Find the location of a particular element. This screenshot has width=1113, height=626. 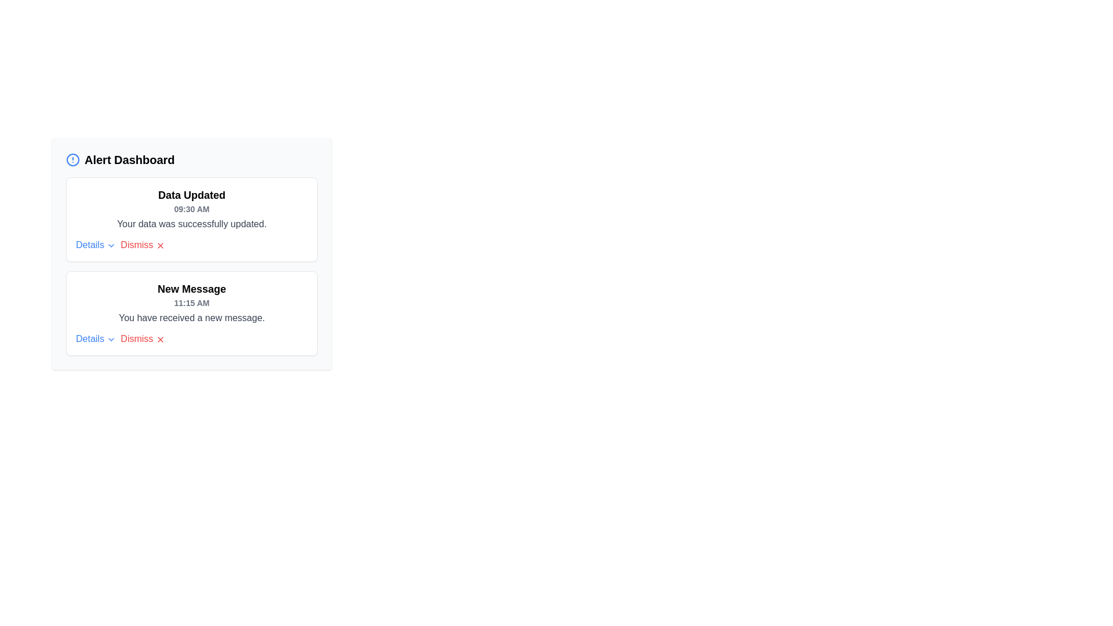

the leftmost Dropdown trigger link is located at coordinates (96, 339).